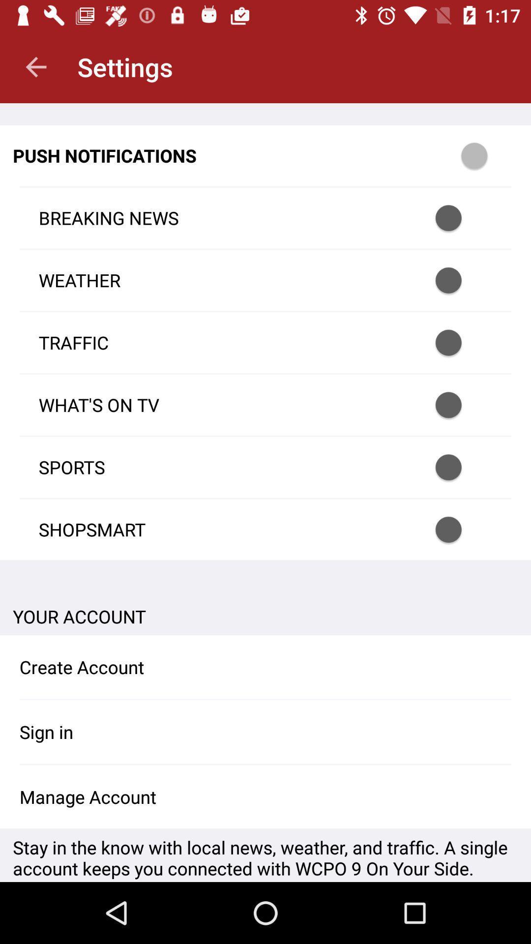 The height and width of the screenshot is (944, 531). What do you see at coordinates (35, 66) in the screenshot?
I see `icon above push notifications icon` at bounding box center [35, 66].